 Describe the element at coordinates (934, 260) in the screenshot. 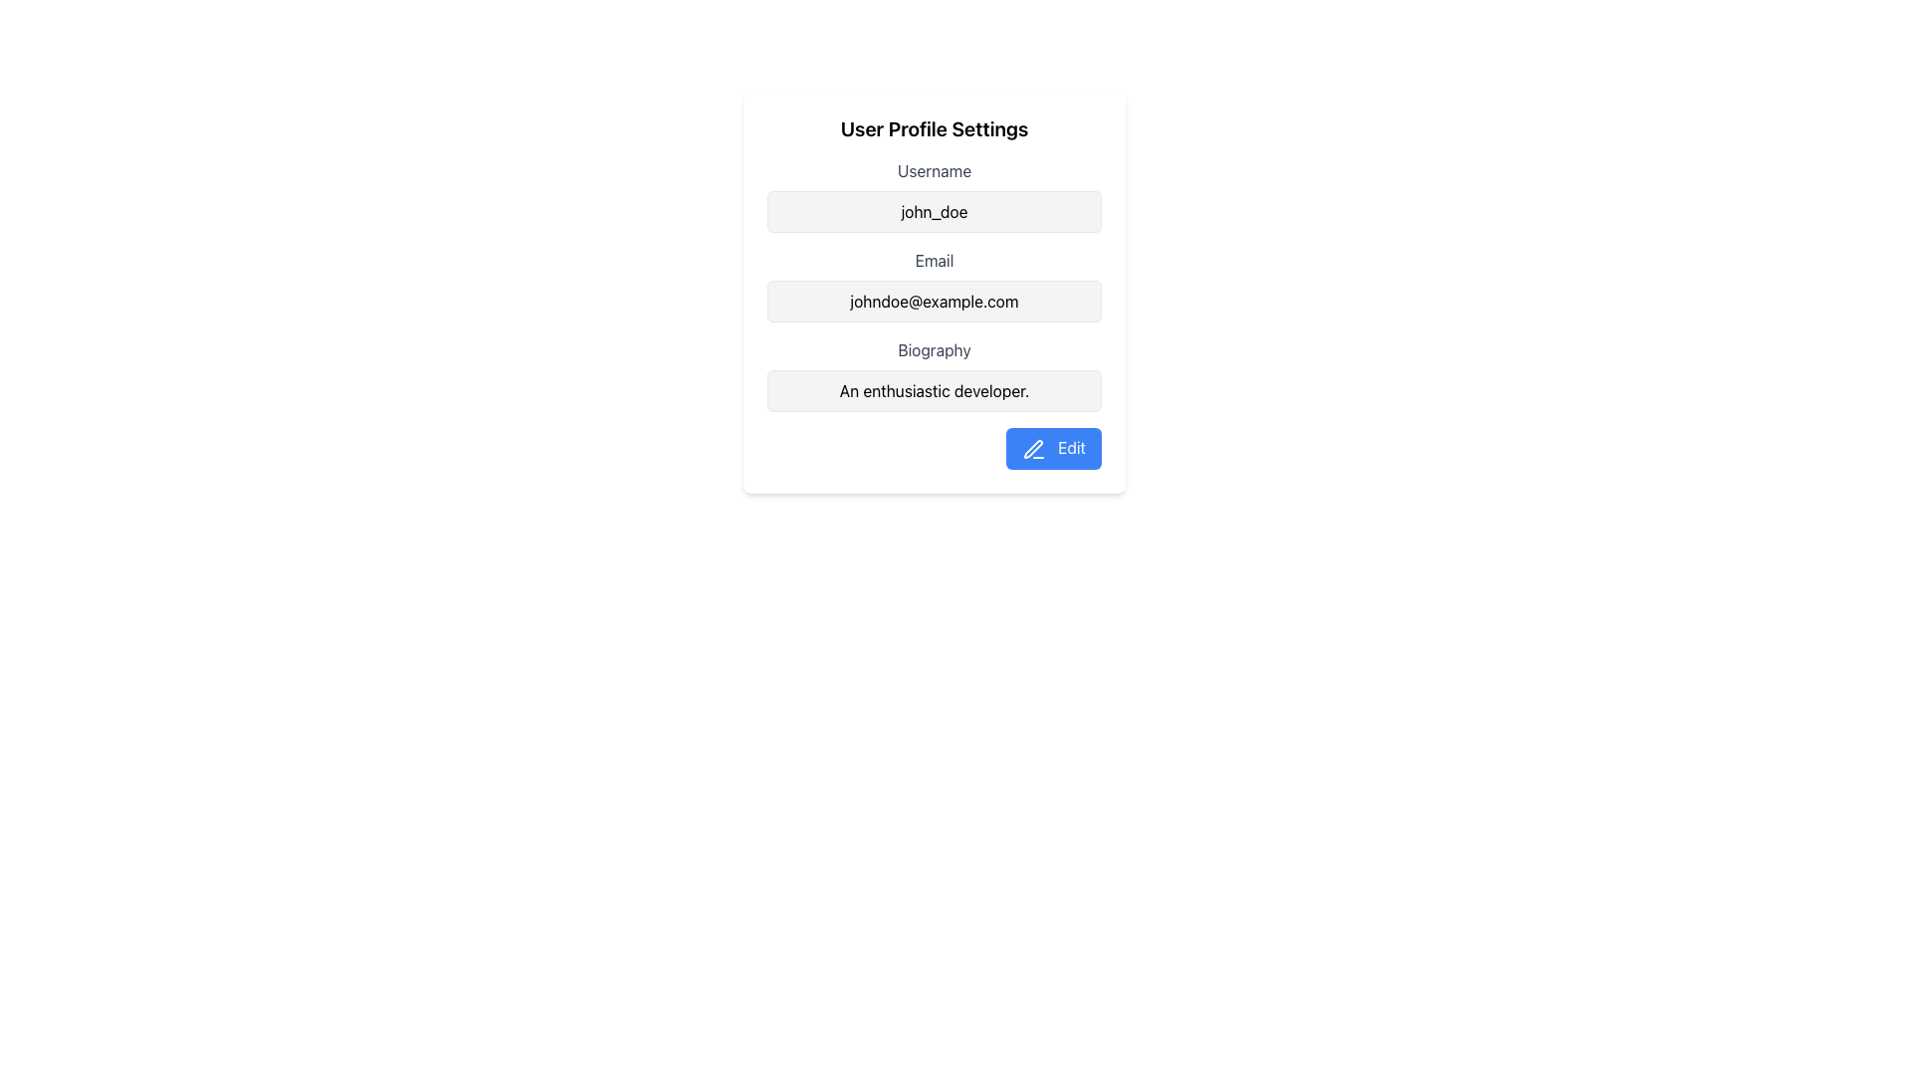

I see `the 'Email' text label in bold, dark gray font located in the user profile settings form` at that location.